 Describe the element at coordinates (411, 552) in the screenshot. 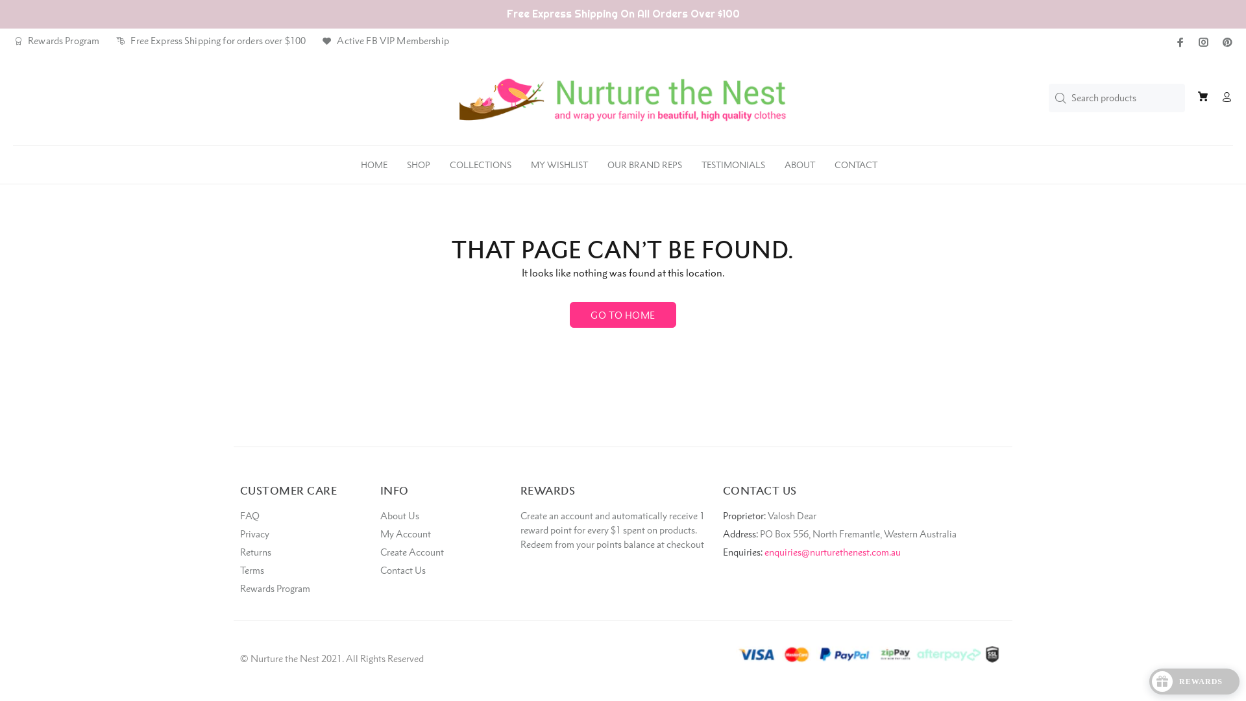

I see `'Create Account'` at that location.